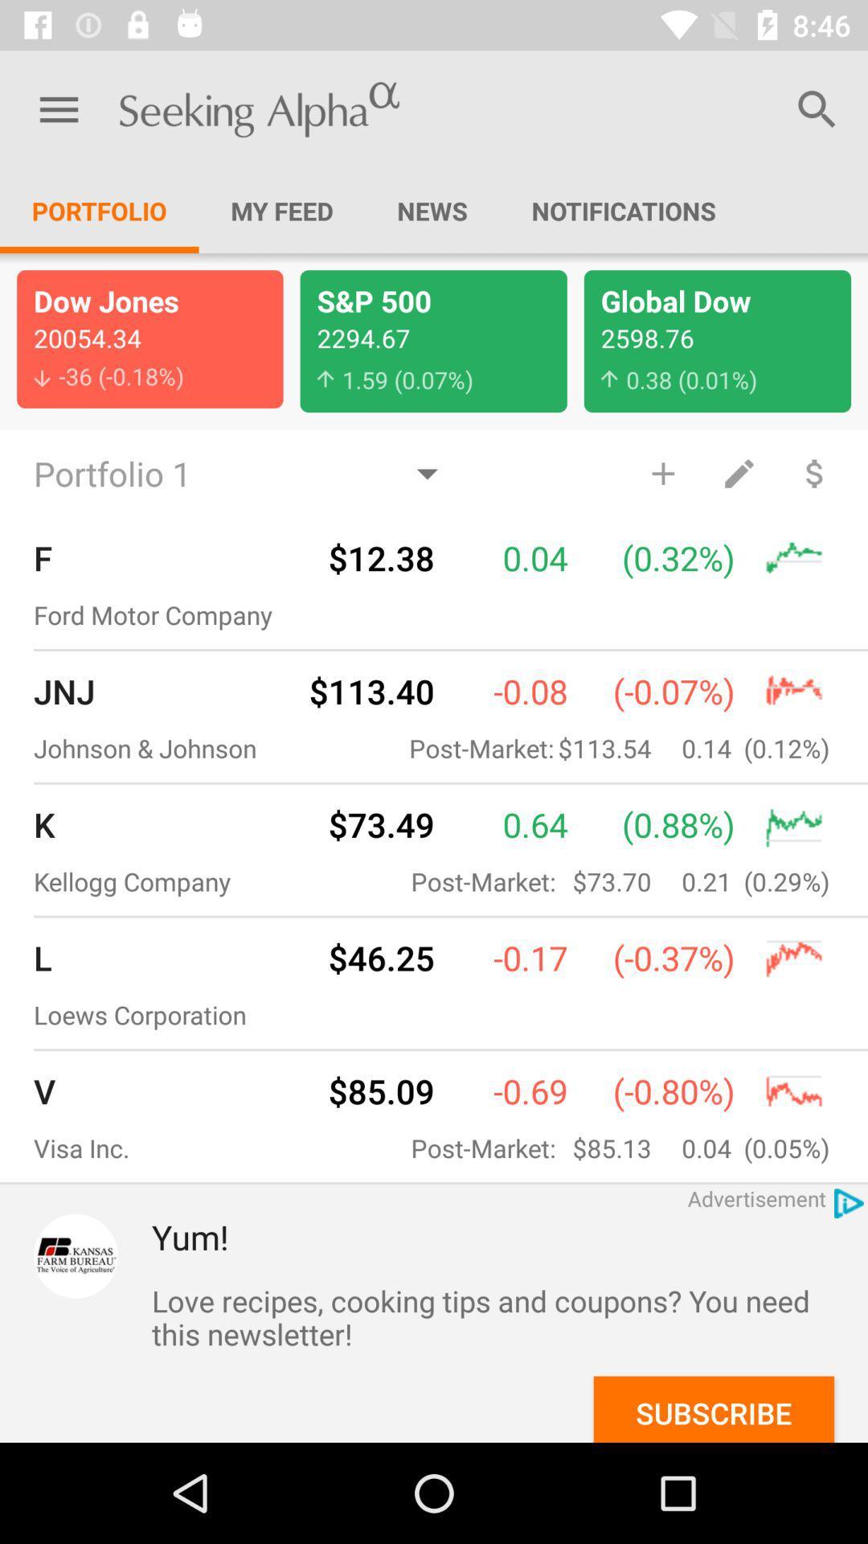  I want to click on icon above the love recipes cooking, so click(510, 1236).